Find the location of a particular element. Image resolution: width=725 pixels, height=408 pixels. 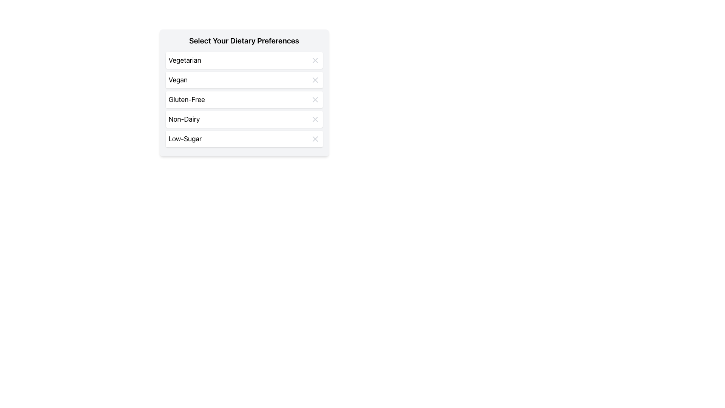

the button that allows users to remove or deselect the 'Non-Dairy' preference in the dietary selections list is located at coordinates (315, 119).